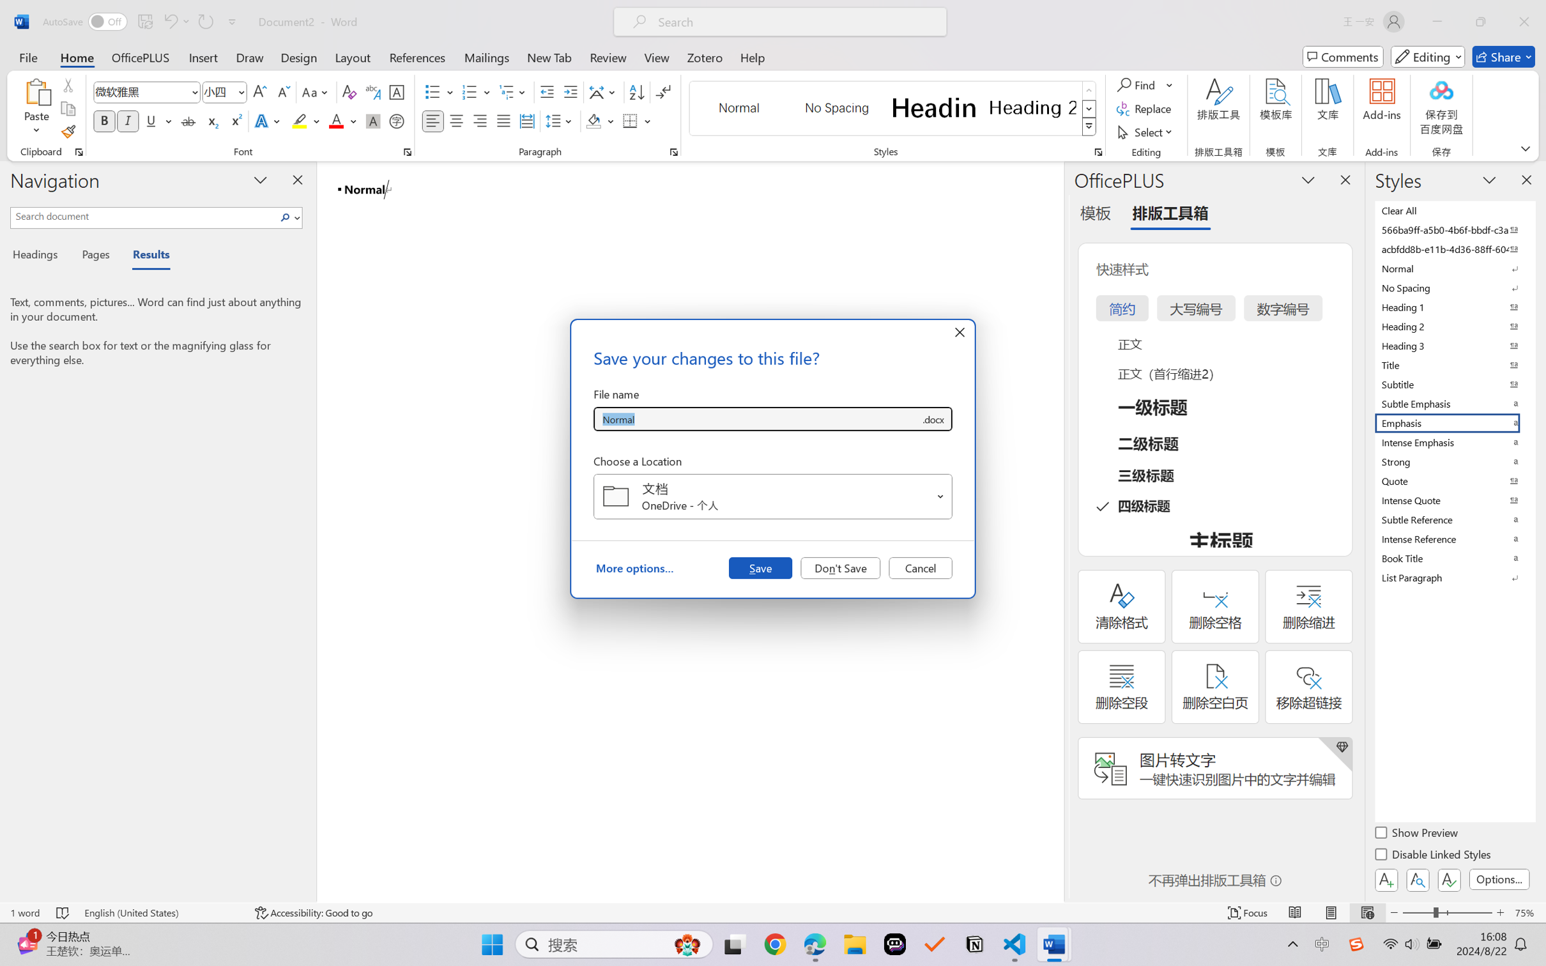 Image resolution: width=1546 pixels, height=966 pixels. Describe the element at coordinates (756, 419) in the screenshot. I see `'File name'` at that location.